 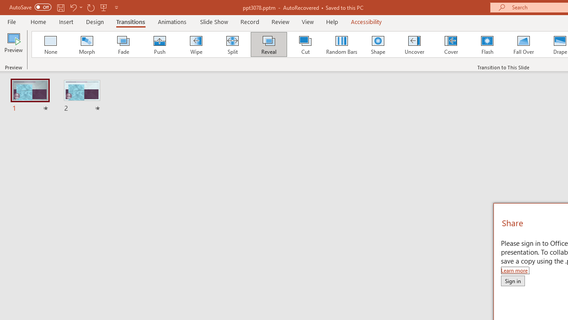 I want to click on 'Uncover', so click(x=414, y=44).